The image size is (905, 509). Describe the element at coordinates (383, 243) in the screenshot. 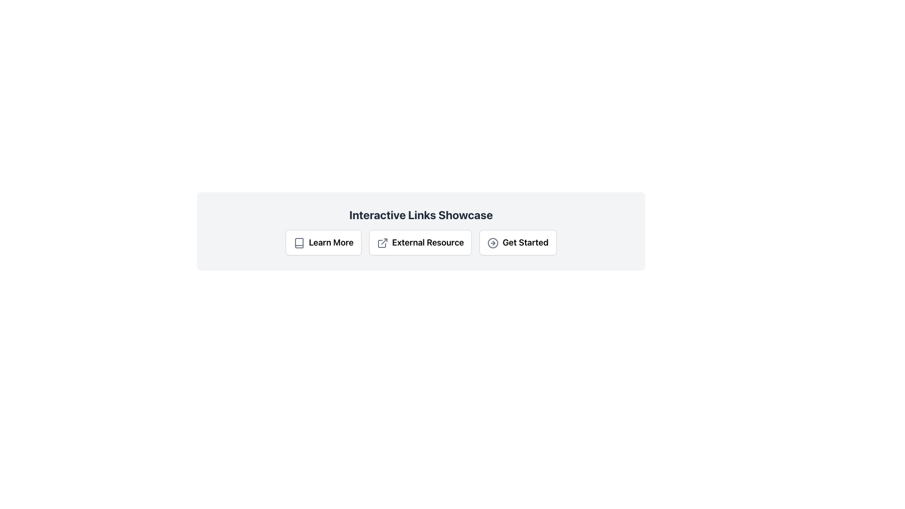

I see `external link SVG icon visually located to the left of the 'External Resource' button, which is the second button in a horizontal layout of three buttons` at that location.